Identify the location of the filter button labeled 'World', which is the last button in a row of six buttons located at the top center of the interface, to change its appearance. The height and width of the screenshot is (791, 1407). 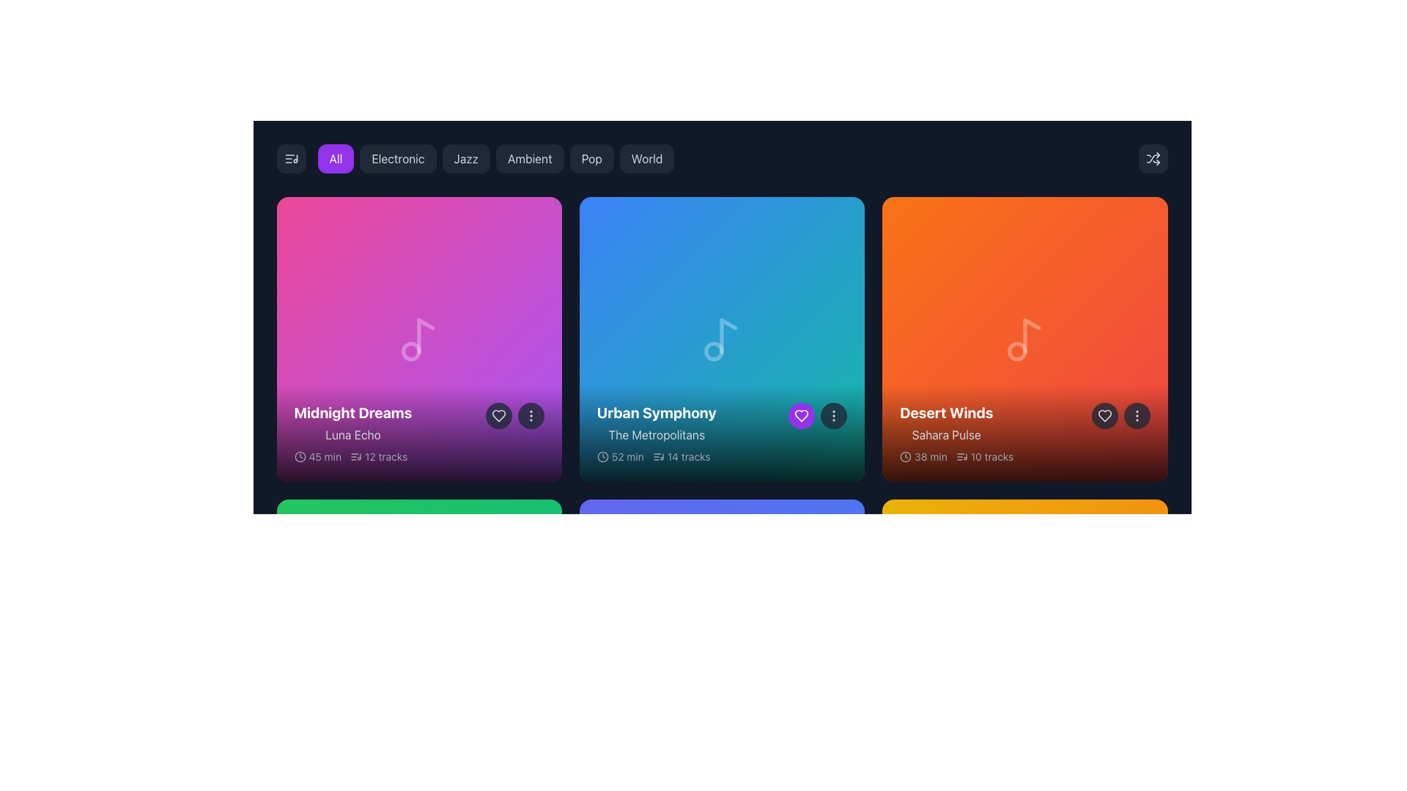
(646, 158).